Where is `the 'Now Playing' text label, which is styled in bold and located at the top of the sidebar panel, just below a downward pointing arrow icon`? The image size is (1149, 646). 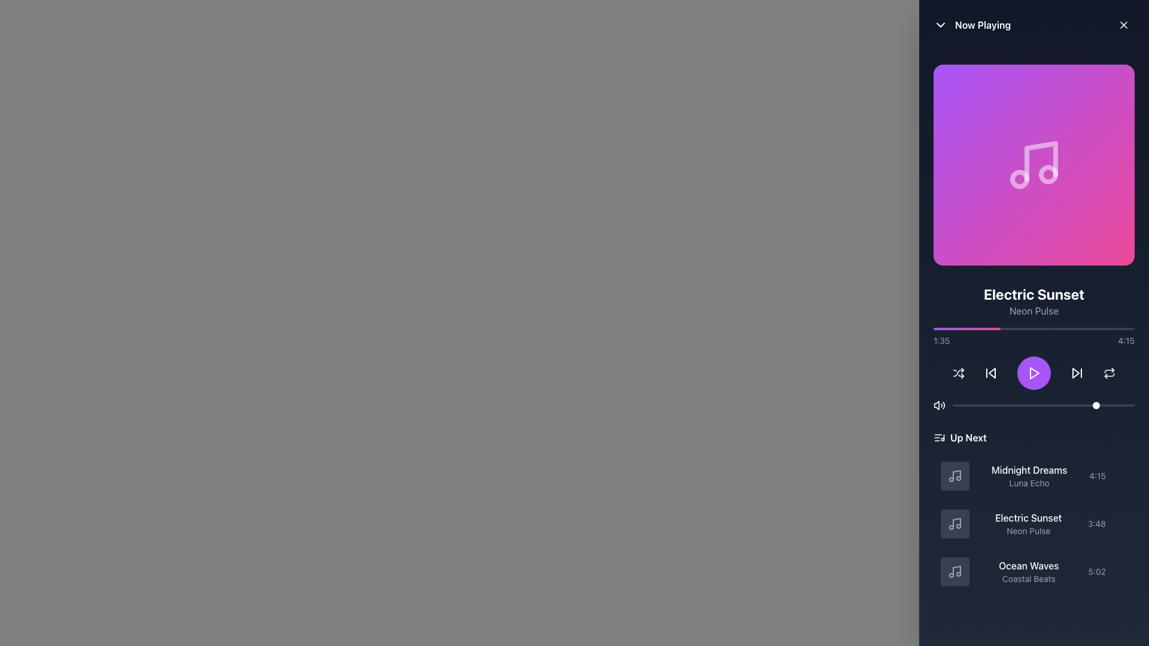 the 'Now Playing' text label, which is styled in bold and located at the top of the sidebar panel, just below a downward pointing arrow icon is located at coordinates (983, 25).